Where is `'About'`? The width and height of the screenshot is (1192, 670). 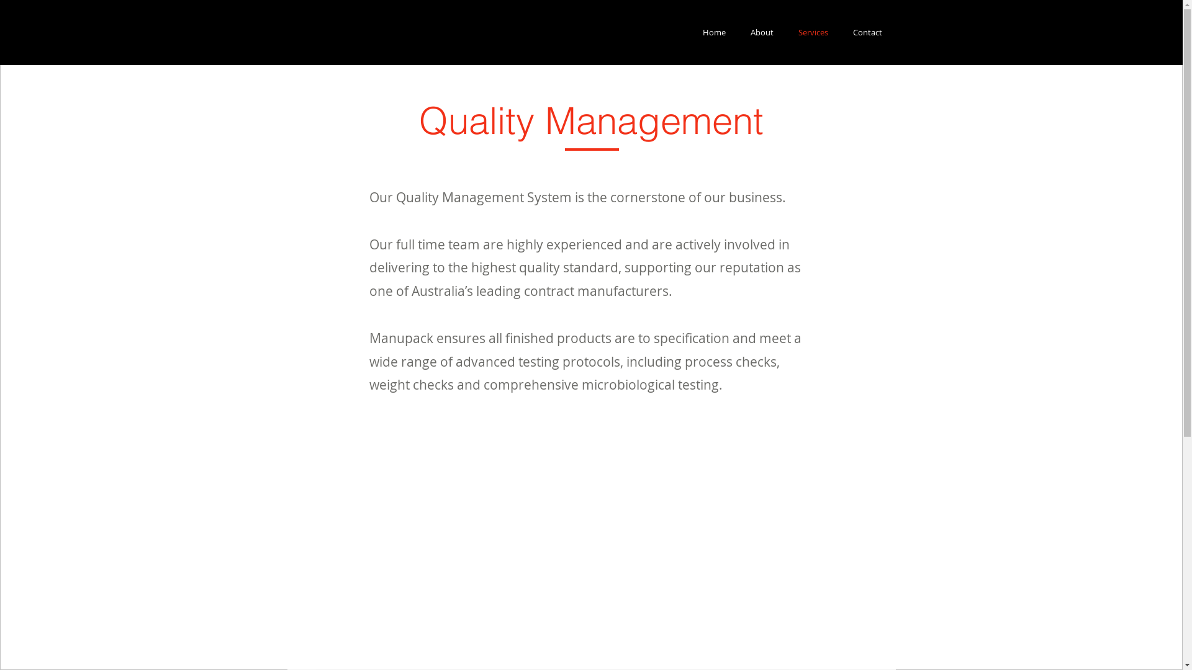 'About' is located at coordinates (761, 32).